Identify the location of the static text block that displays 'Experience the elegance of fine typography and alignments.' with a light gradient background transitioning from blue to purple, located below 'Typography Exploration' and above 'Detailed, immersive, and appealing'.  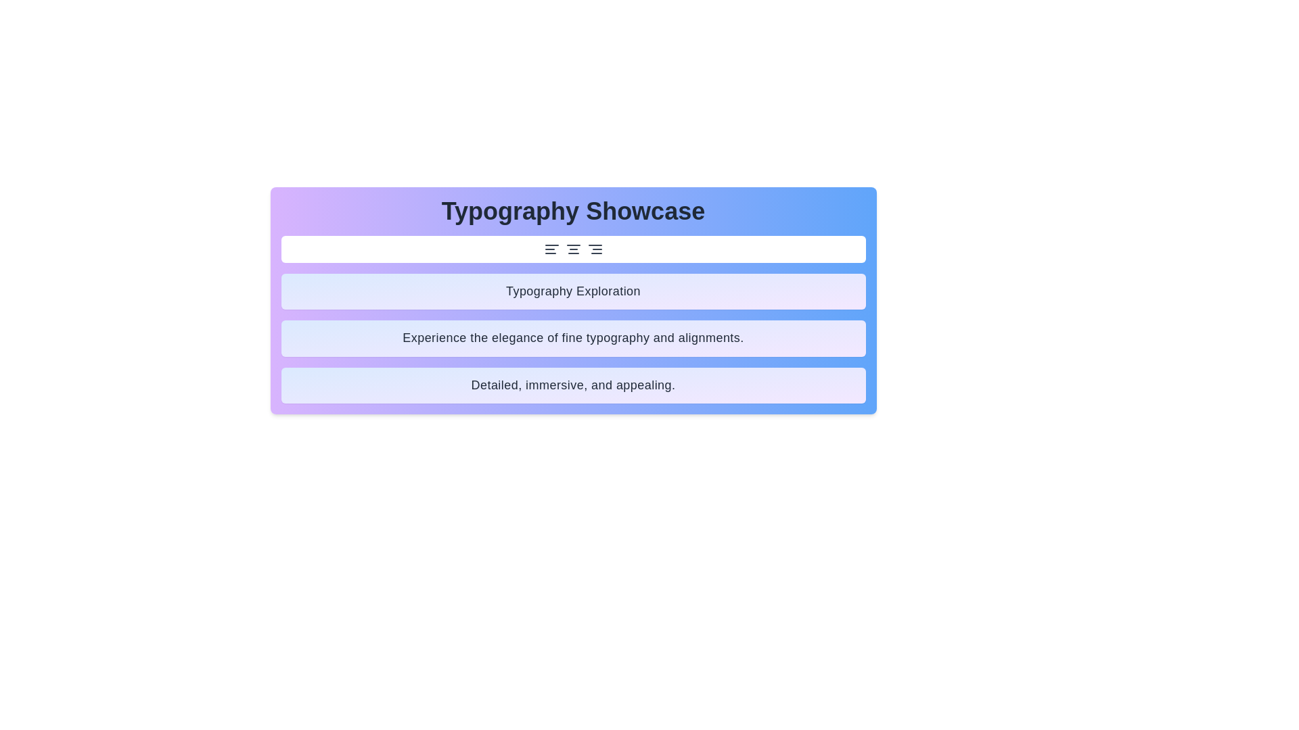
(573, 337).